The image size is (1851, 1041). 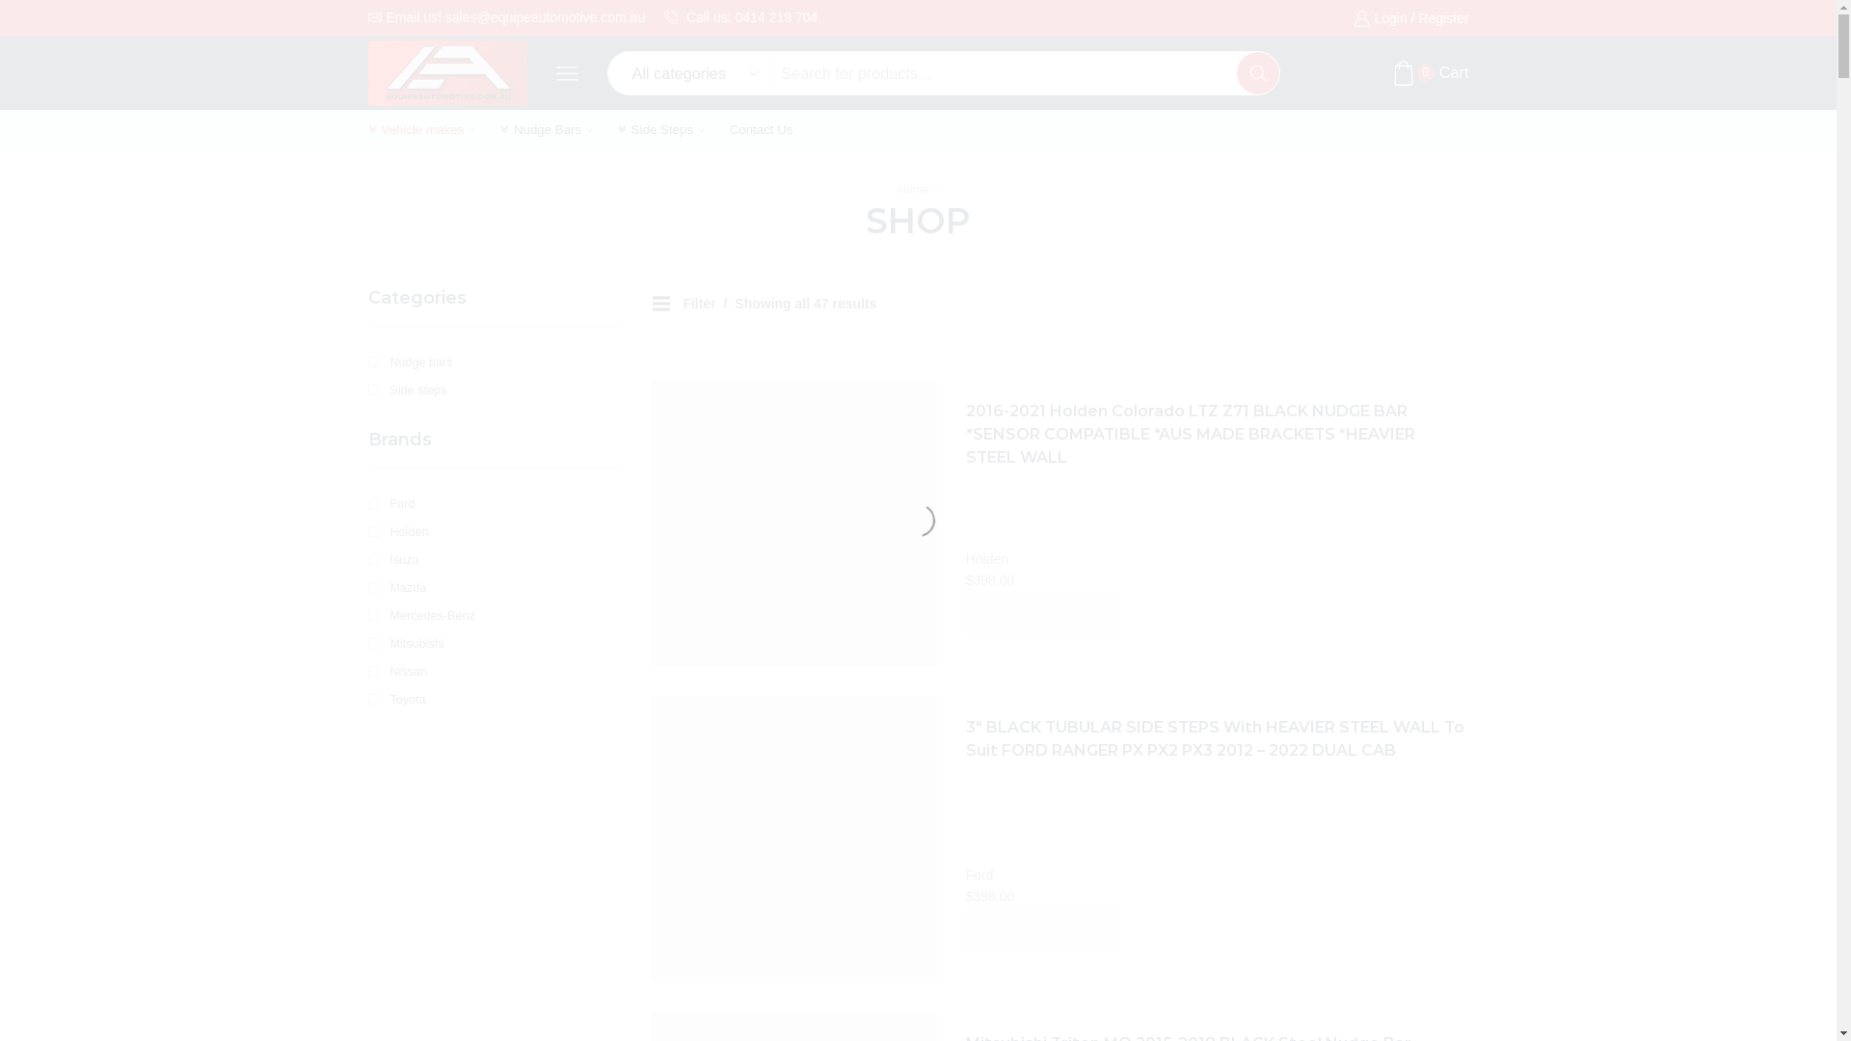 What do you see at coordinates (739, 17) in the screenshot?
I see `' Call us: 0414 219 704'` at bounding box center [739, 17].